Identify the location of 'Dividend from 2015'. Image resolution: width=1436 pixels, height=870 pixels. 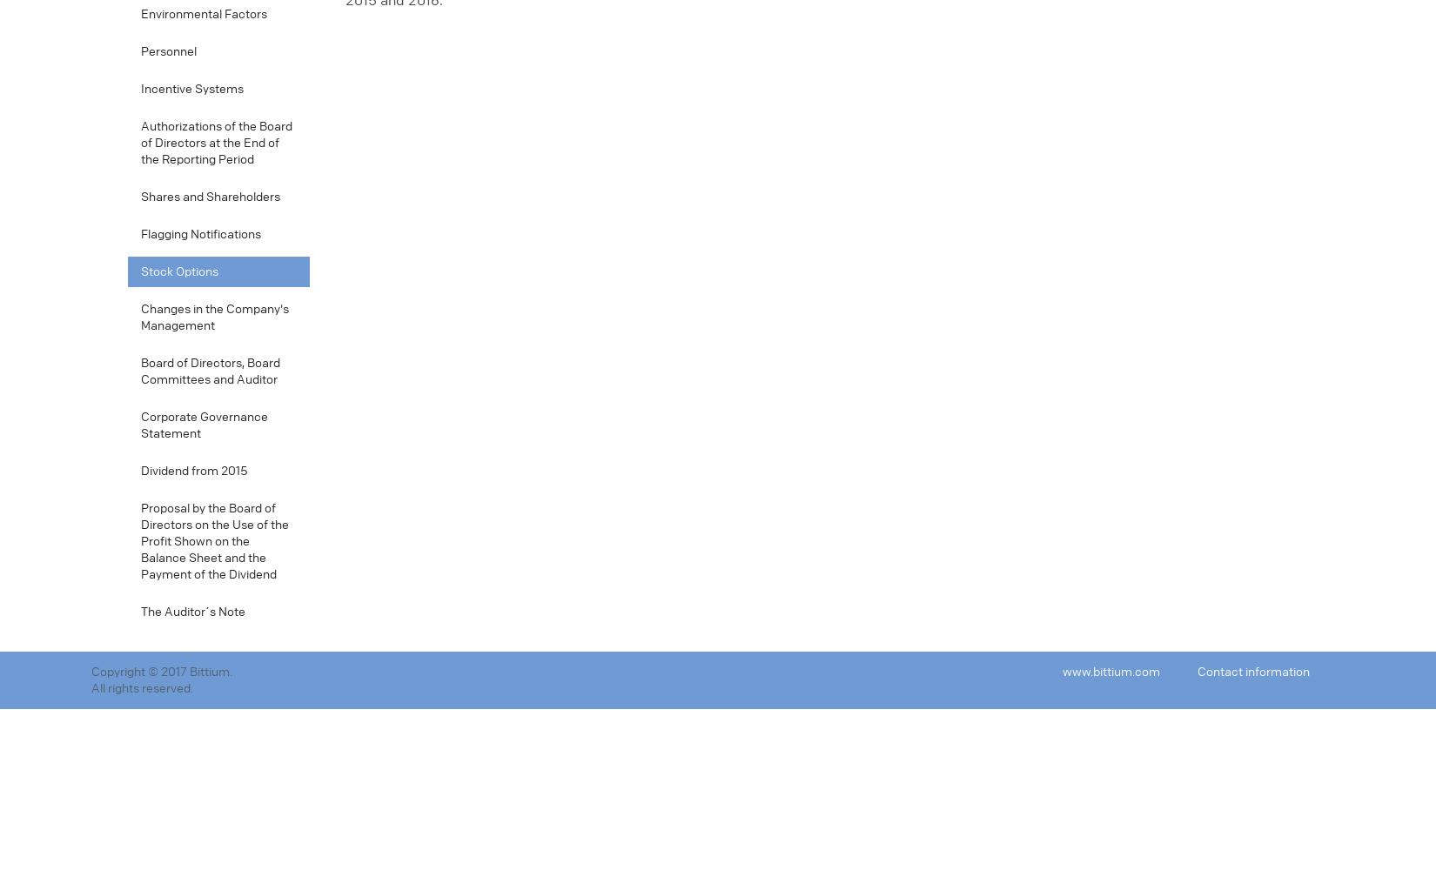
(193, 471).